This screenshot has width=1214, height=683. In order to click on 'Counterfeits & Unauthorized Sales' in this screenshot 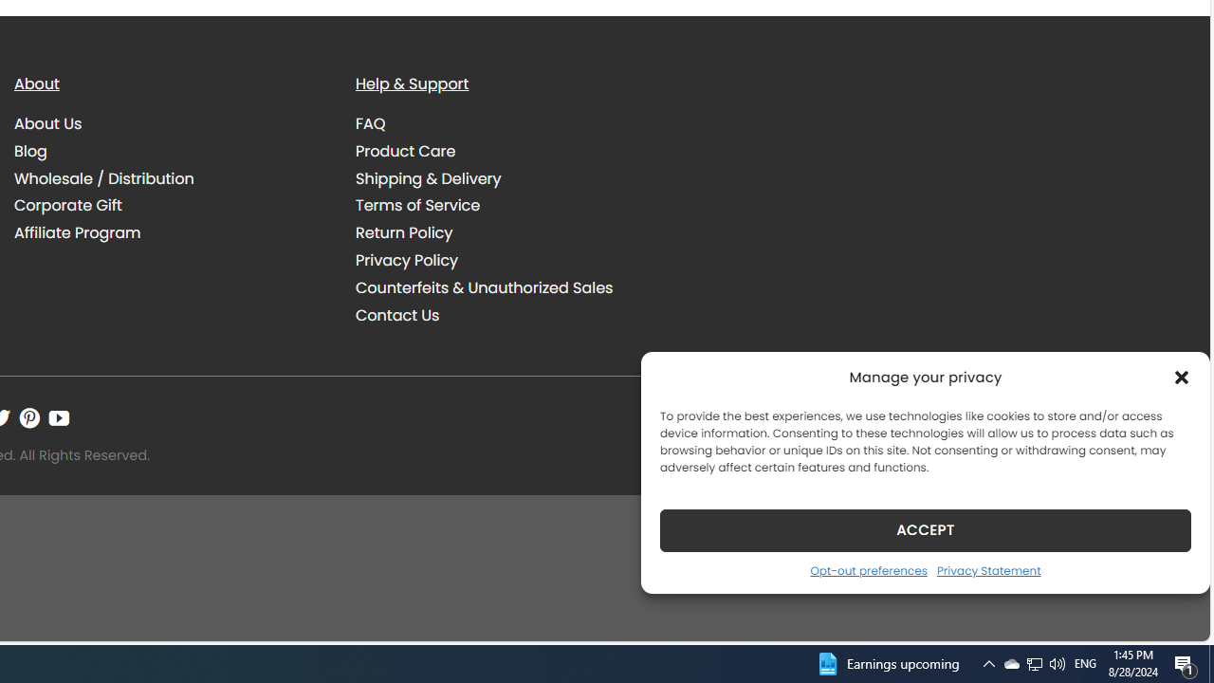, I will do `click(512, 287)`.